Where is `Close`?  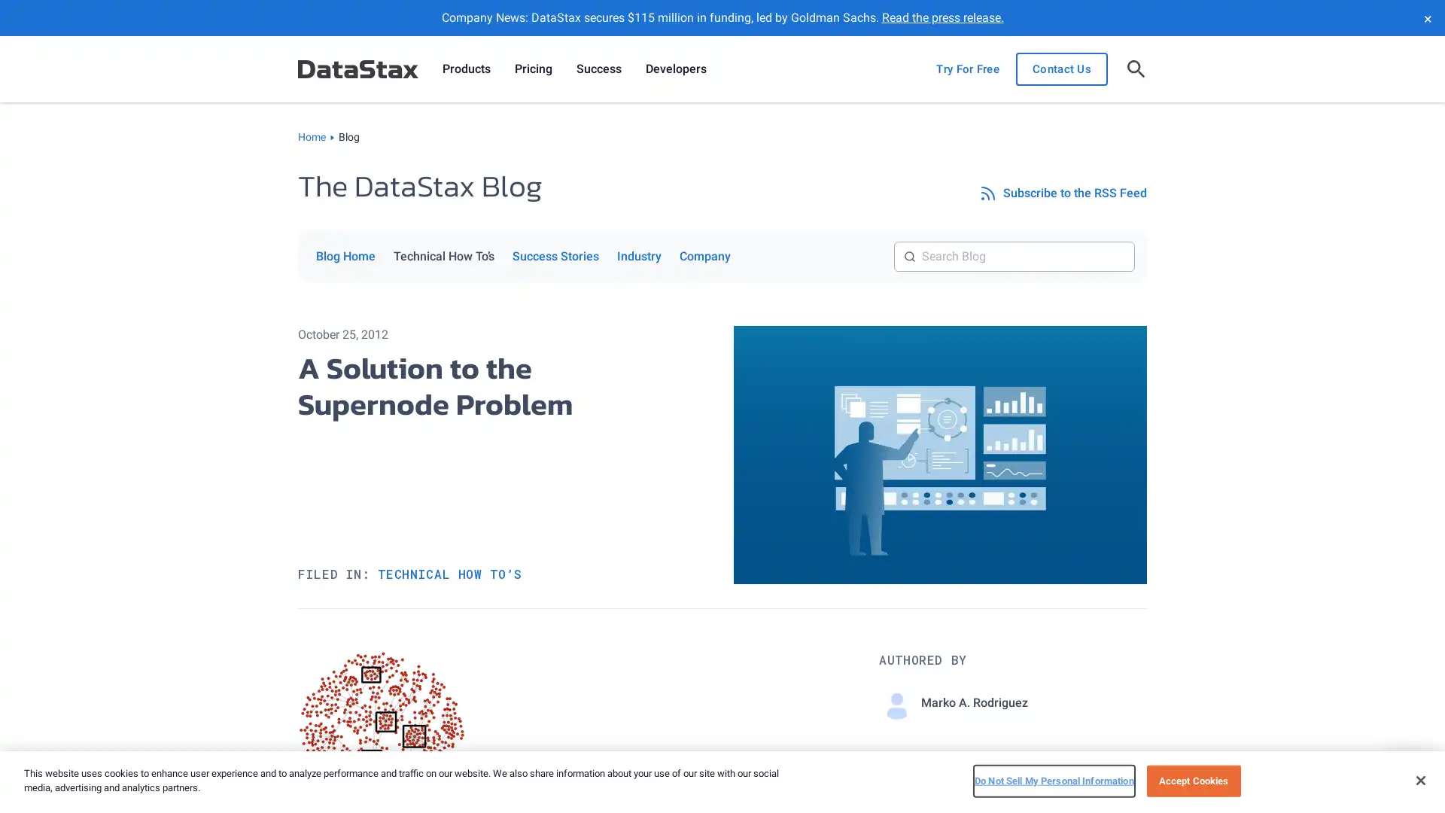
Close is located at coordinates (1419, 779).